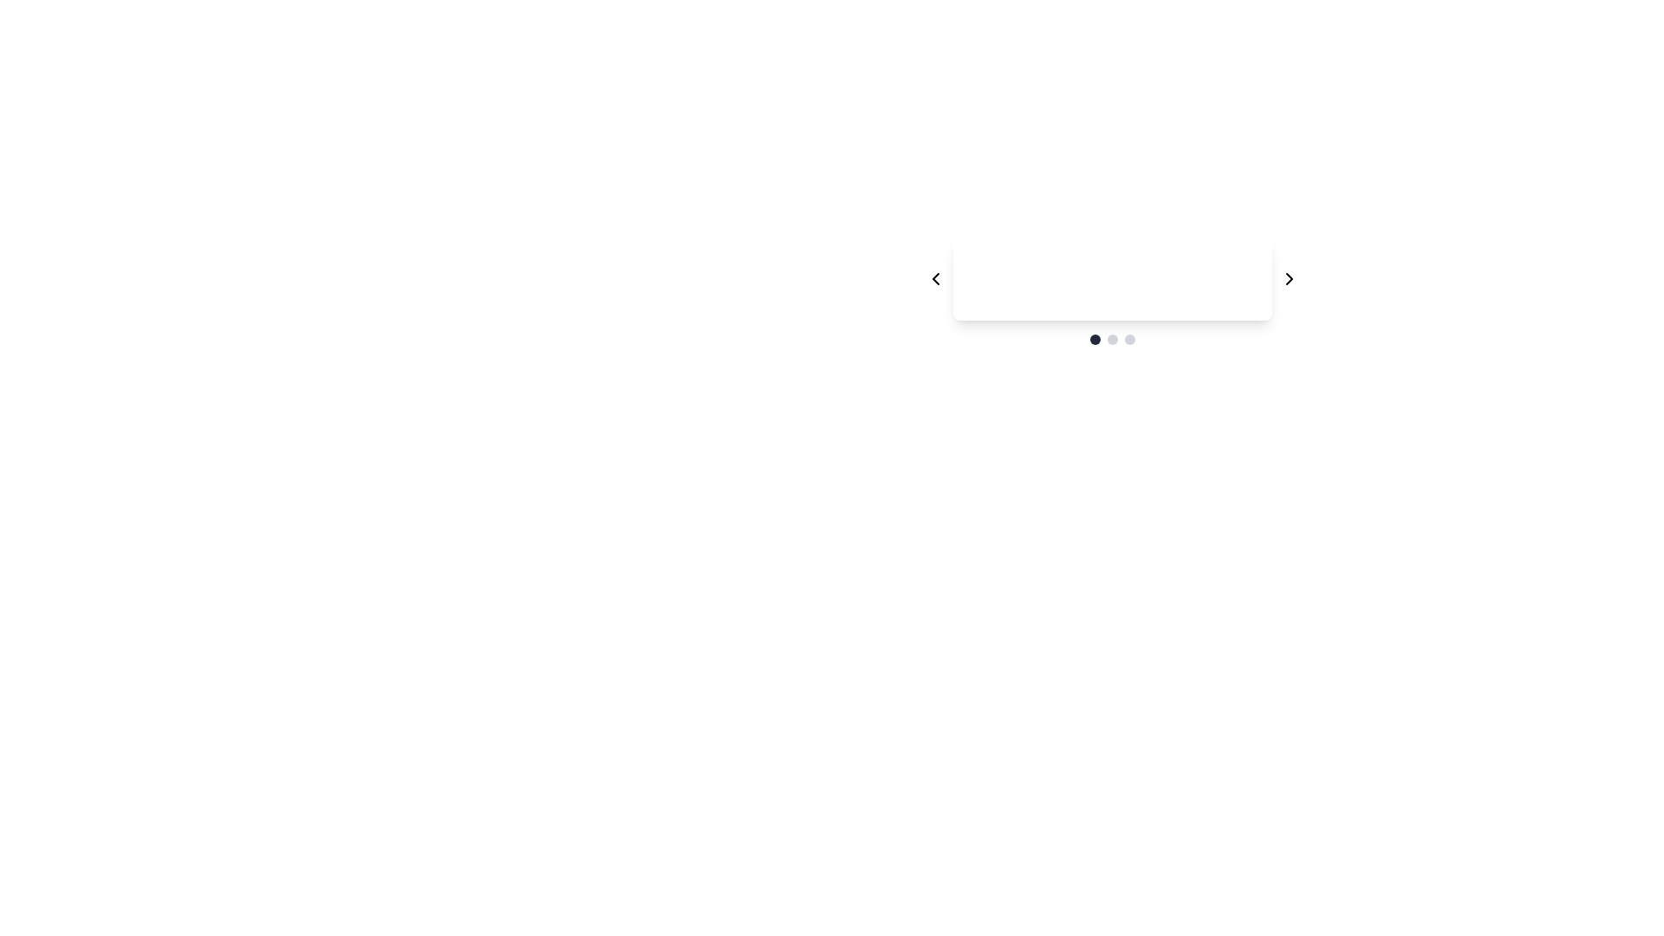  I want to click on the chevron icon in the top-right corner of the carousel, so click(1290, 277).